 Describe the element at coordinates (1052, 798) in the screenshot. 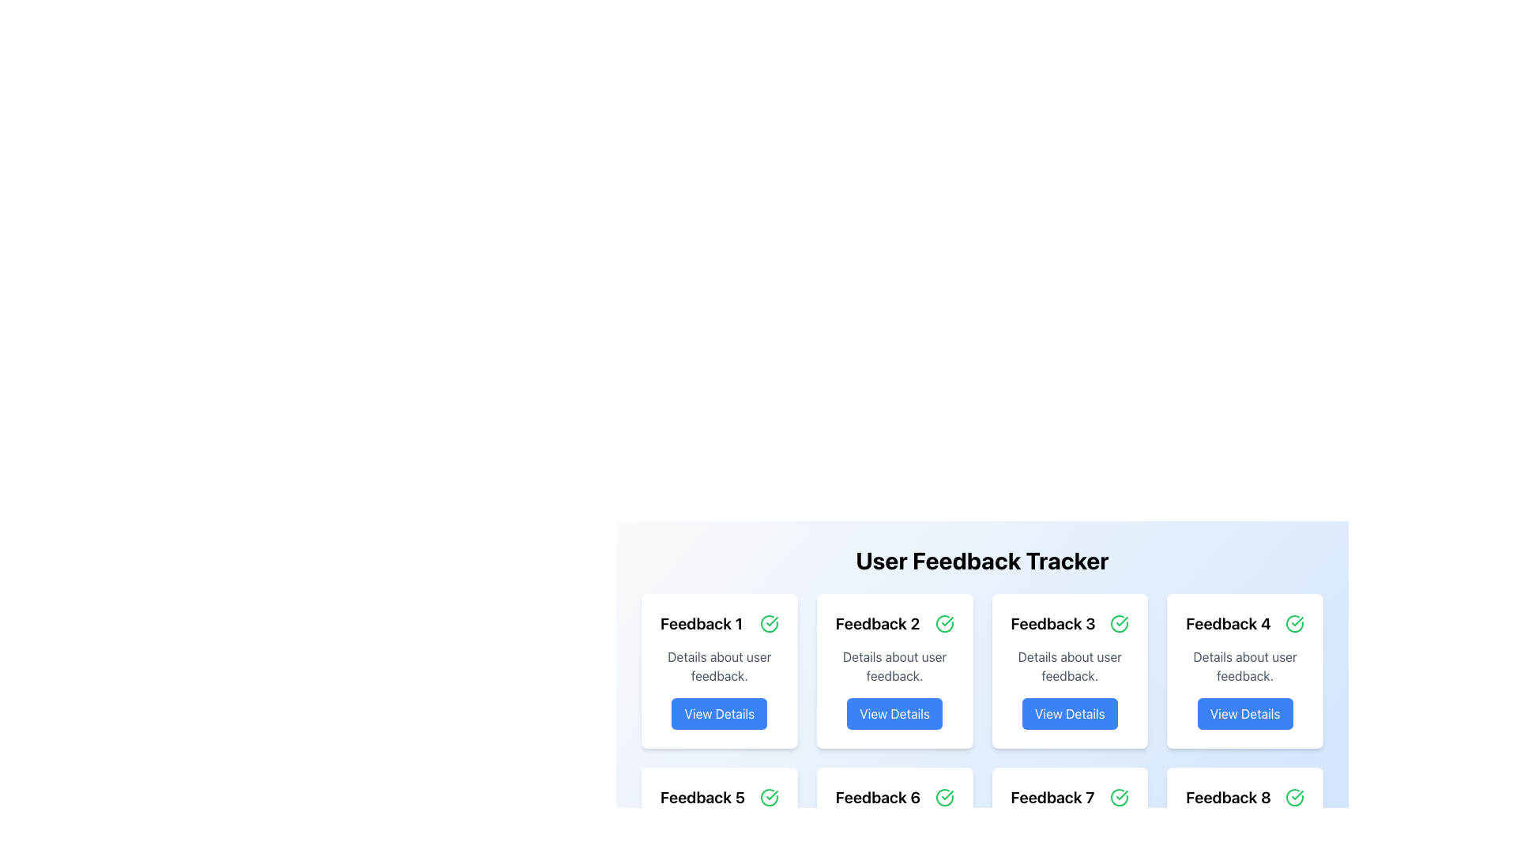

I see `text of the element displaying 'Feedback 7', which is bold and medium-sized, located in the seventh feedback card of a grid layout` at that location.